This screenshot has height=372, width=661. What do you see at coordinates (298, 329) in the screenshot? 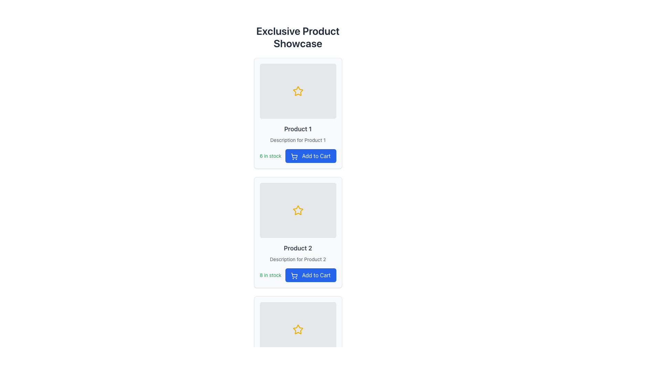
I see `the yellow star icon, which serves as a rating or favorite indicator, located centrally within the 'Product 3' card` at bounding box center [298, 329].